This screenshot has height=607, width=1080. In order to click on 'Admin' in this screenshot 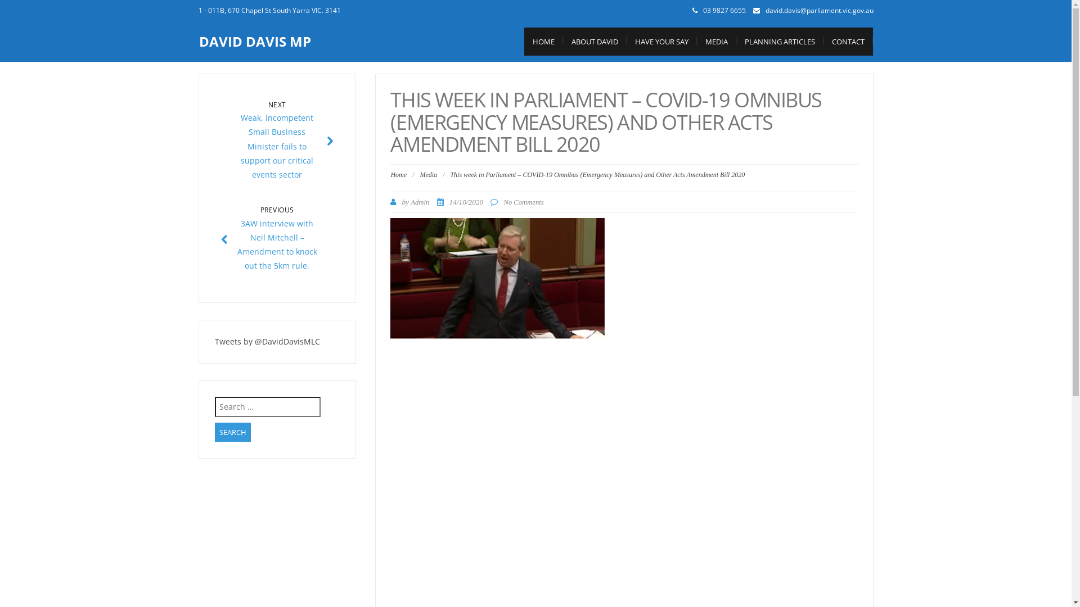, I will do `click(419, 201)`.